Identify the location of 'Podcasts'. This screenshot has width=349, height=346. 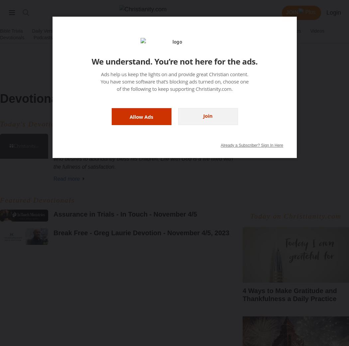
(43, 37).